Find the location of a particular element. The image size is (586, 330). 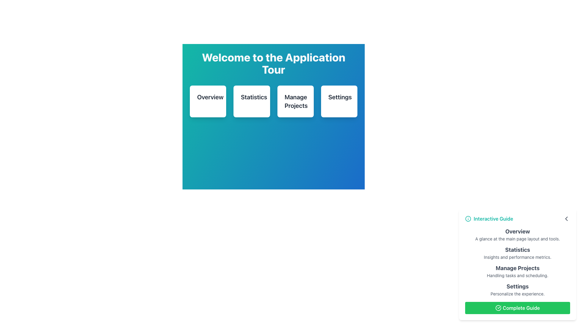

the center of the SVG circle that is part of the 'info' icon located in the sidebar under the 'Interactive Guide' heading is located at coordinates (468, 218).